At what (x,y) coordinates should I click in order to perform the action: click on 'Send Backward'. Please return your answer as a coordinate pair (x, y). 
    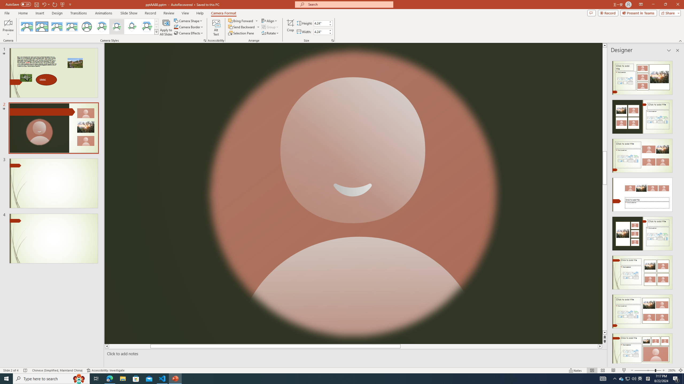
    Looking at the image, I should click on (242, 26).